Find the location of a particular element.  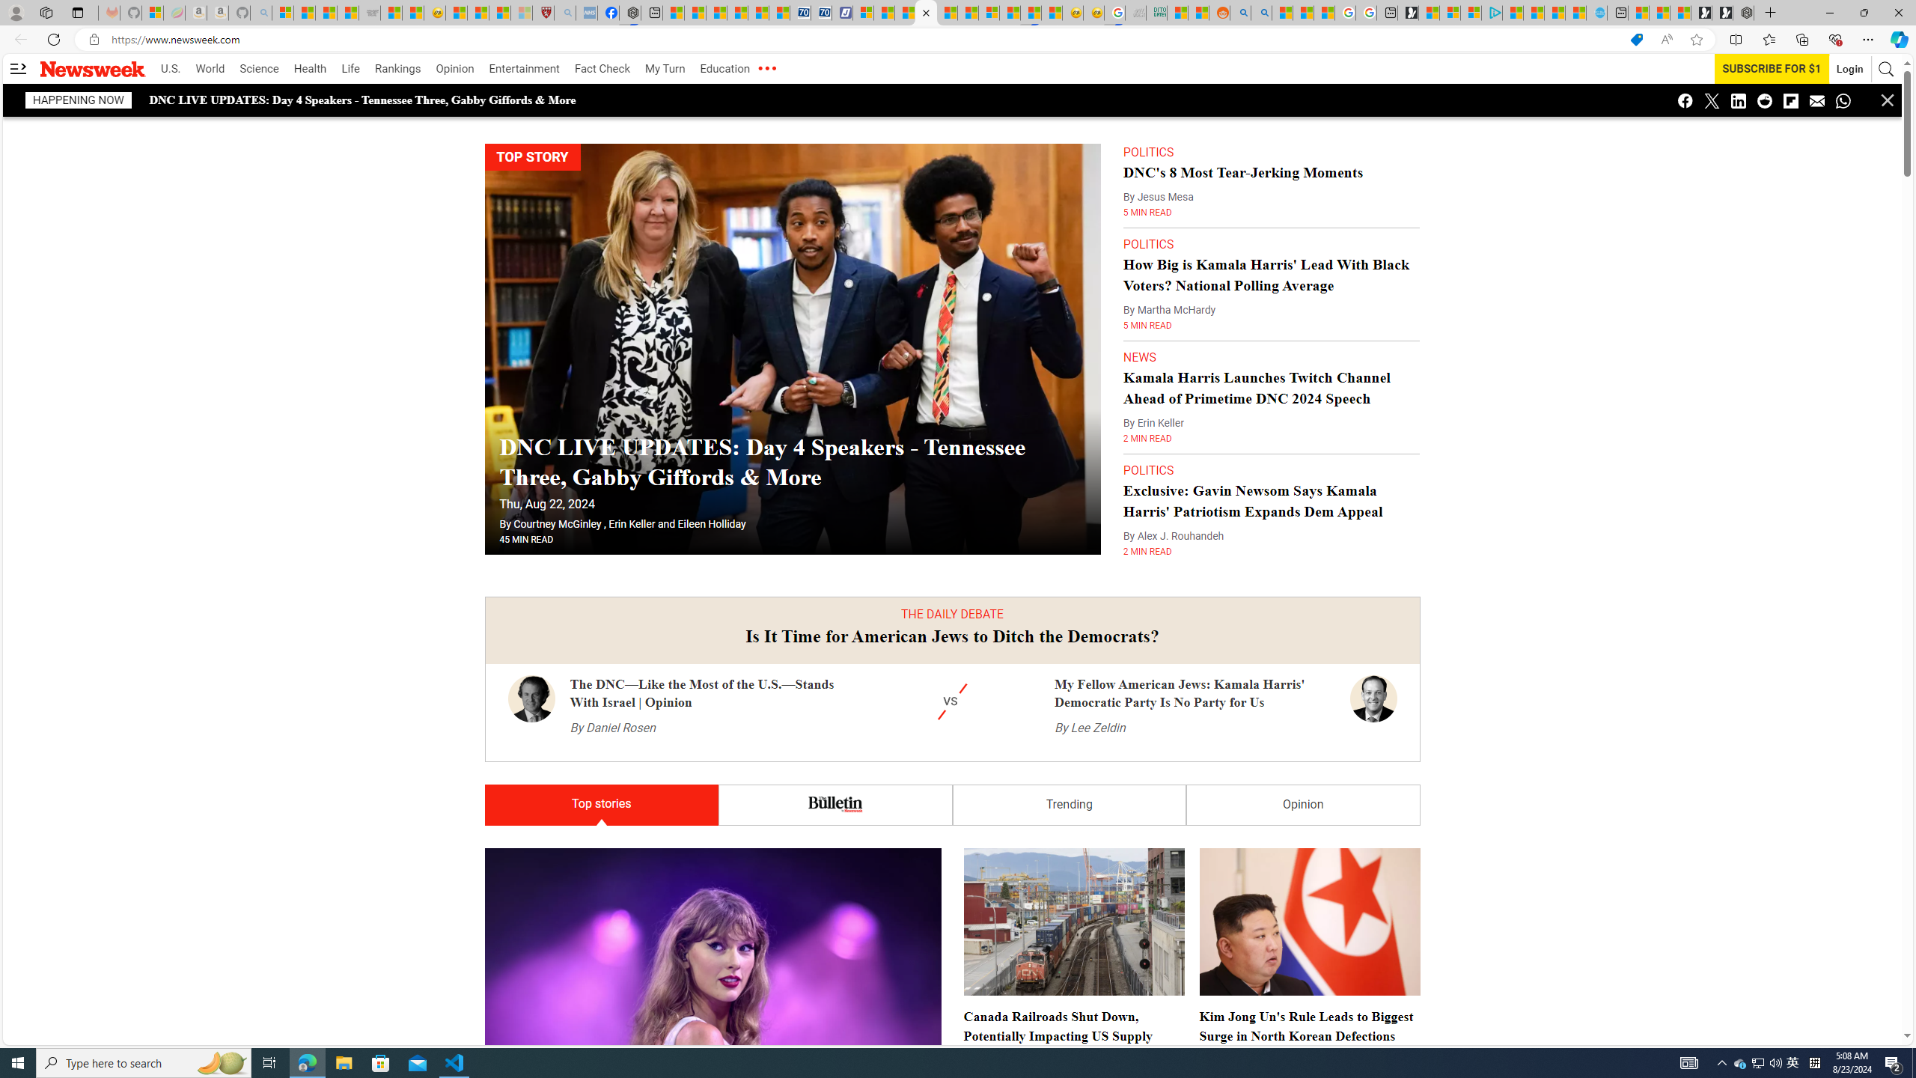

'Fact Check' is located at coordinates (602, 68).